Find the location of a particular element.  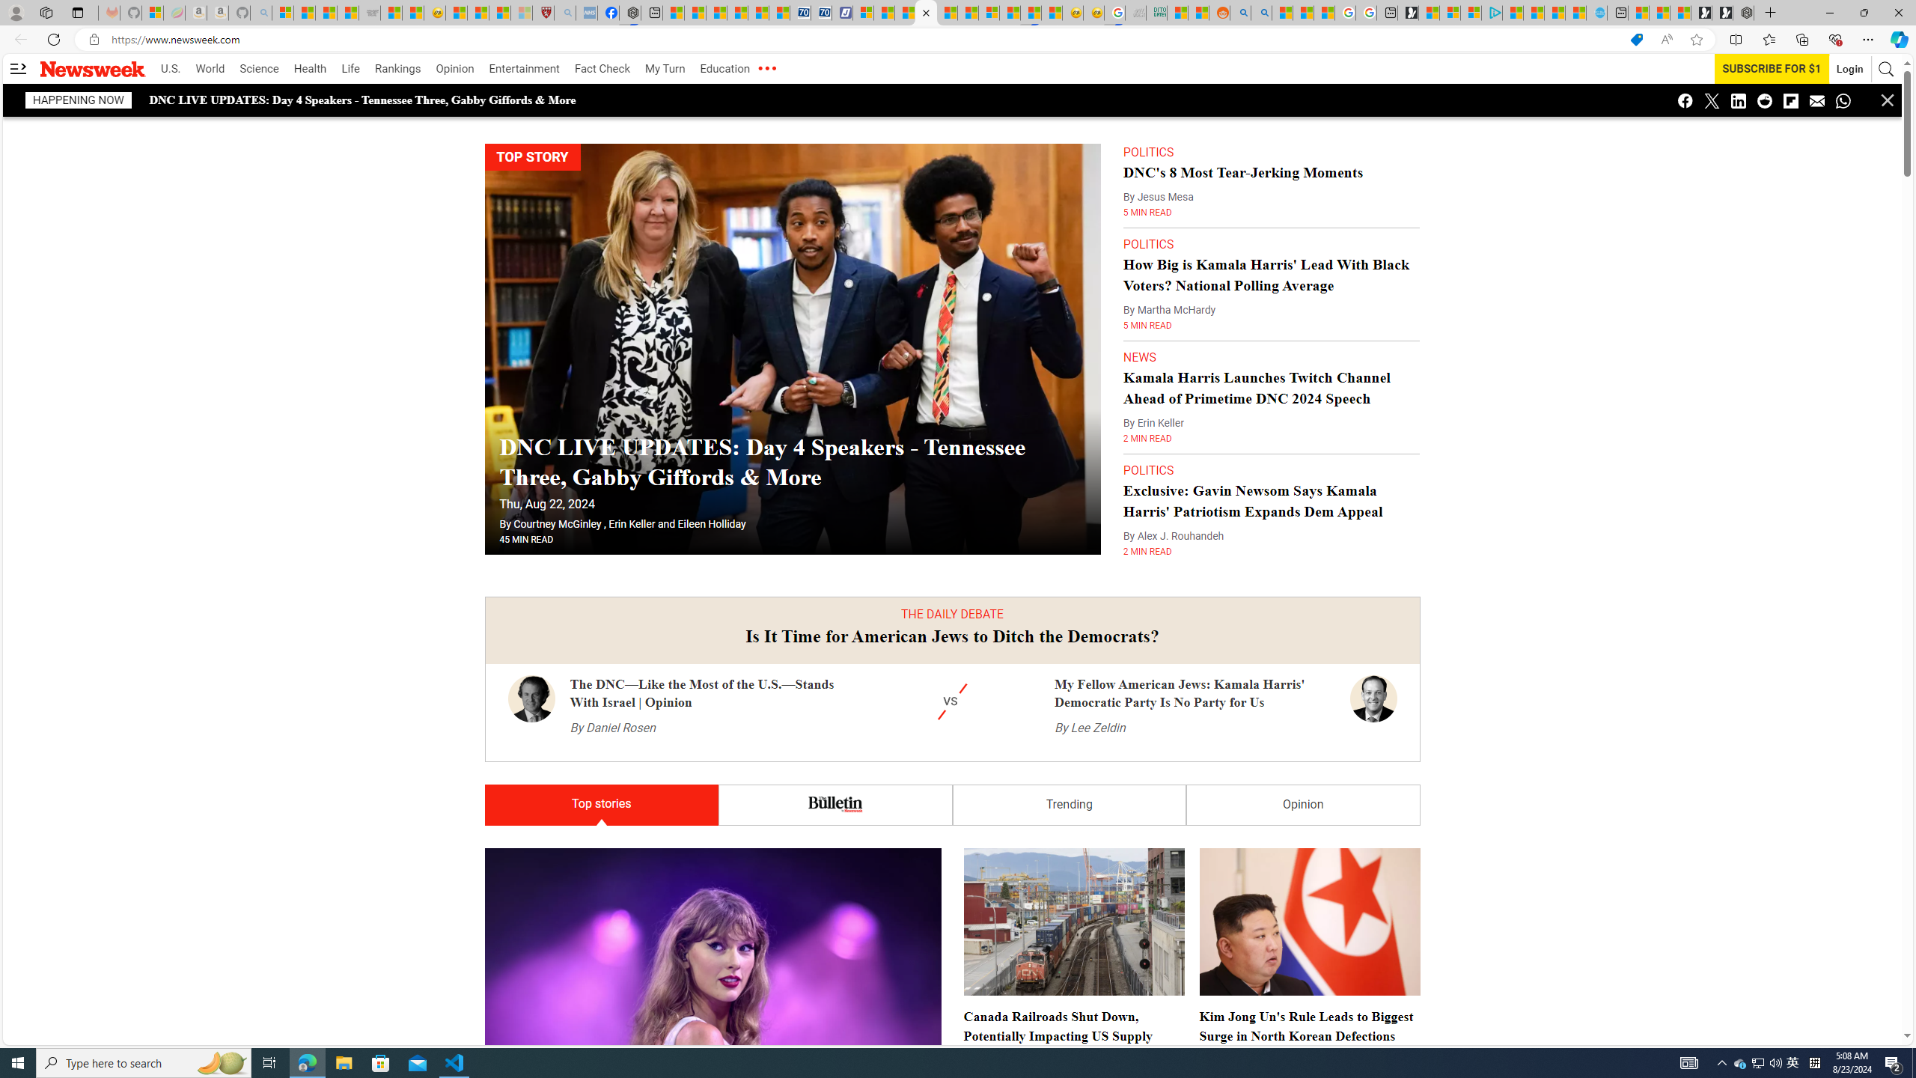

'Fact Check' is located at coordinates (602, 68).